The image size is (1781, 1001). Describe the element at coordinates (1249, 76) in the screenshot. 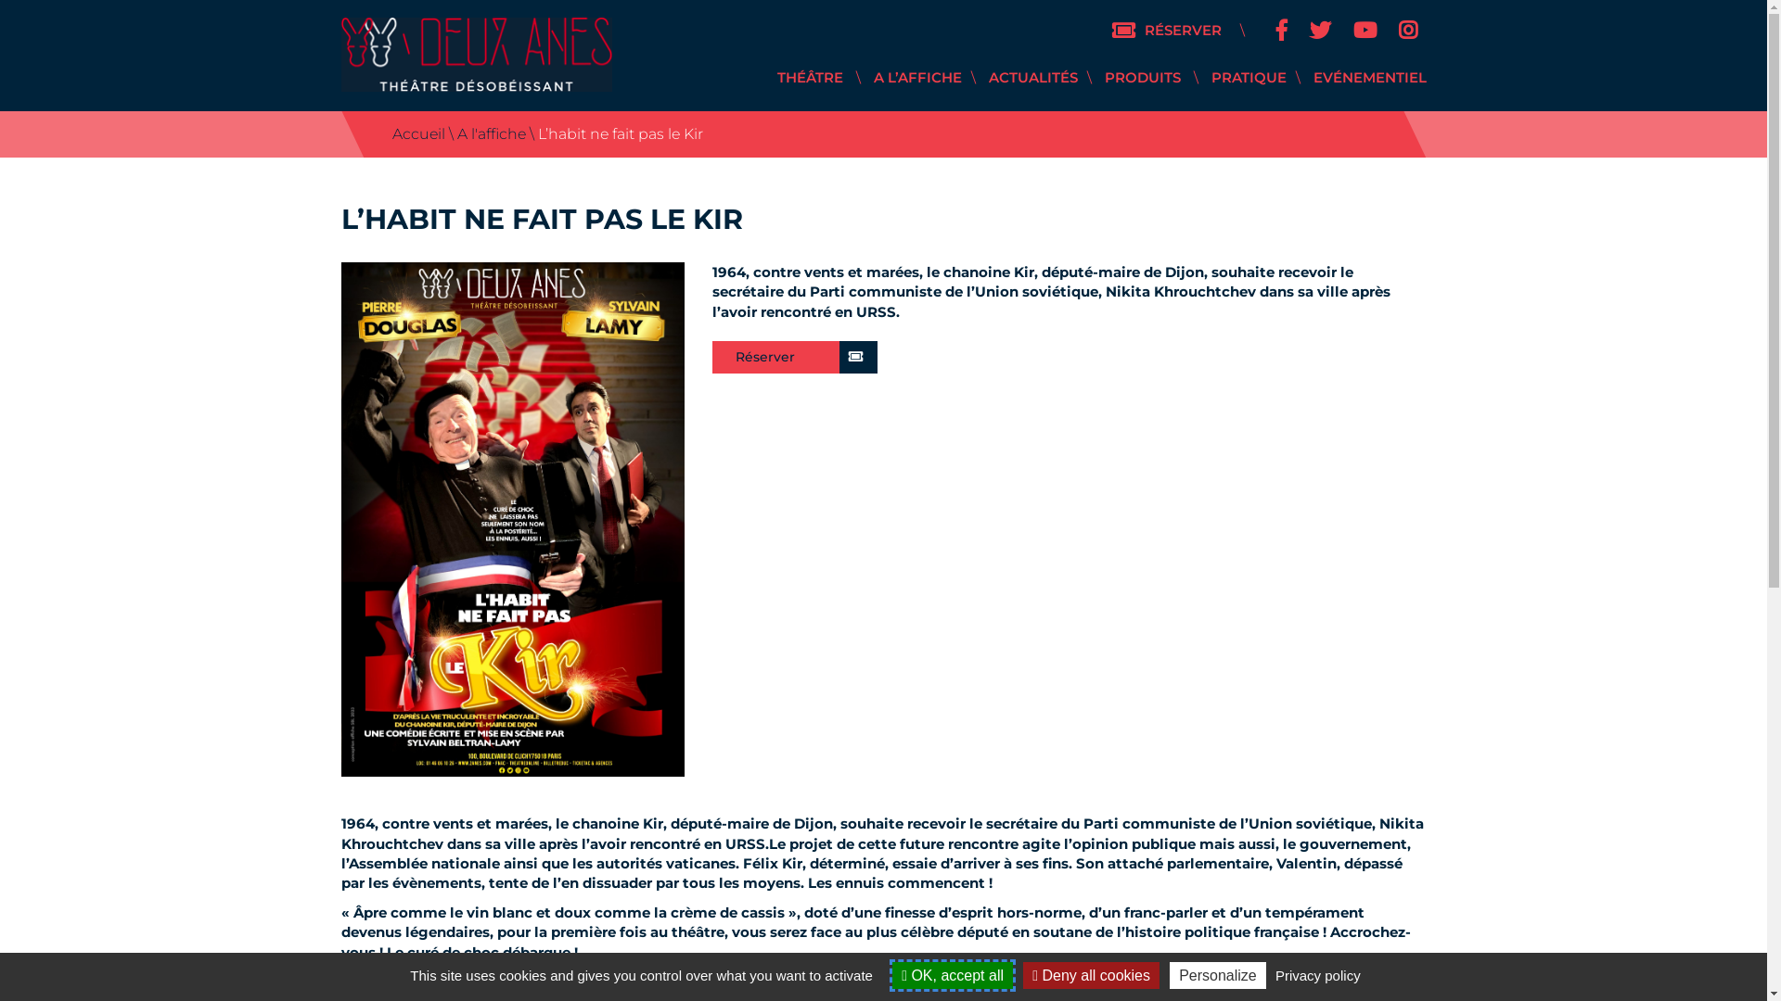

I see `'PRATIQUE'` at that location.